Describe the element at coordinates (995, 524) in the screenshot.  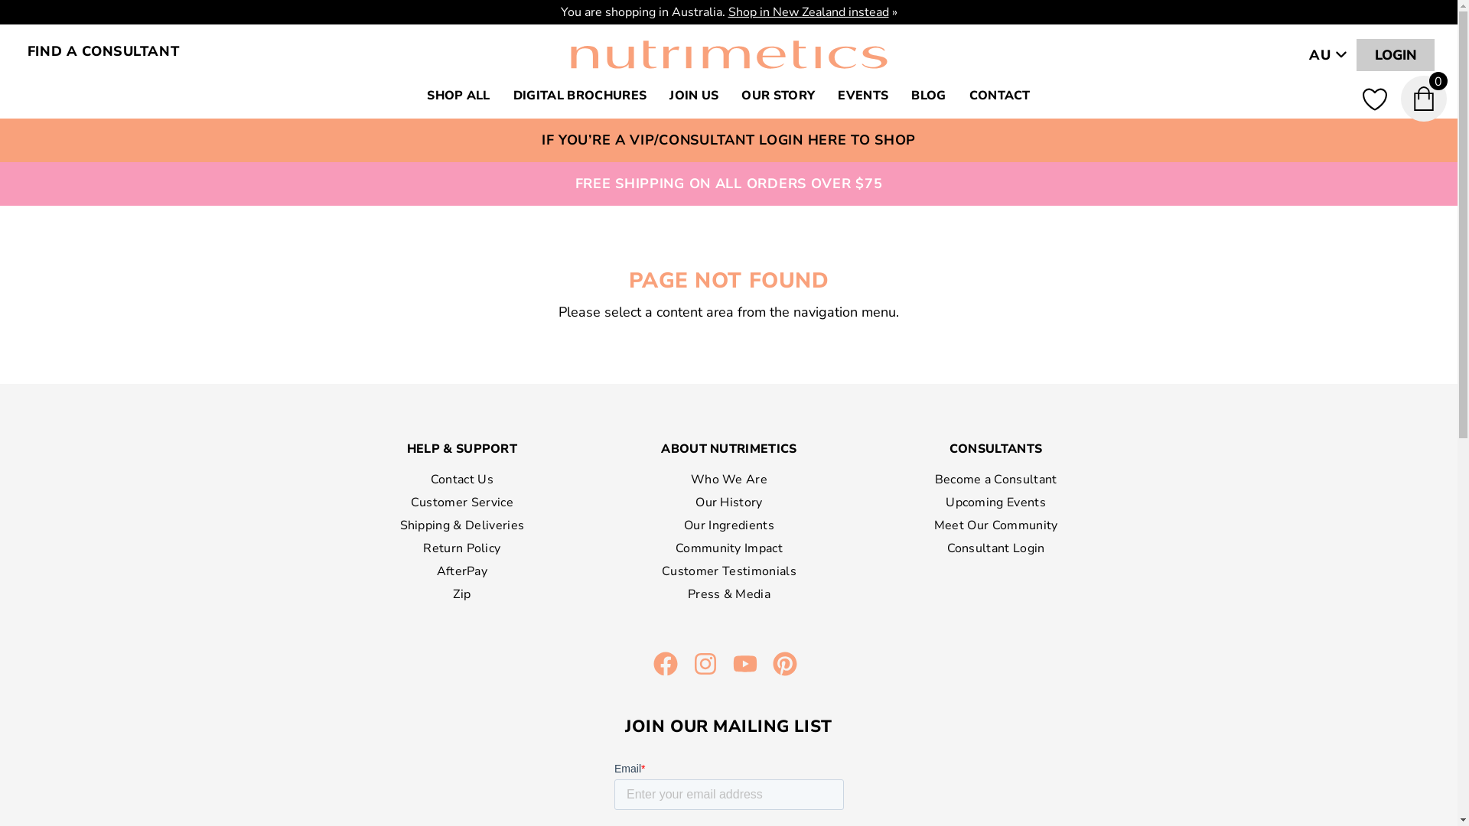
I see `'Meet Our Community'` at that location.